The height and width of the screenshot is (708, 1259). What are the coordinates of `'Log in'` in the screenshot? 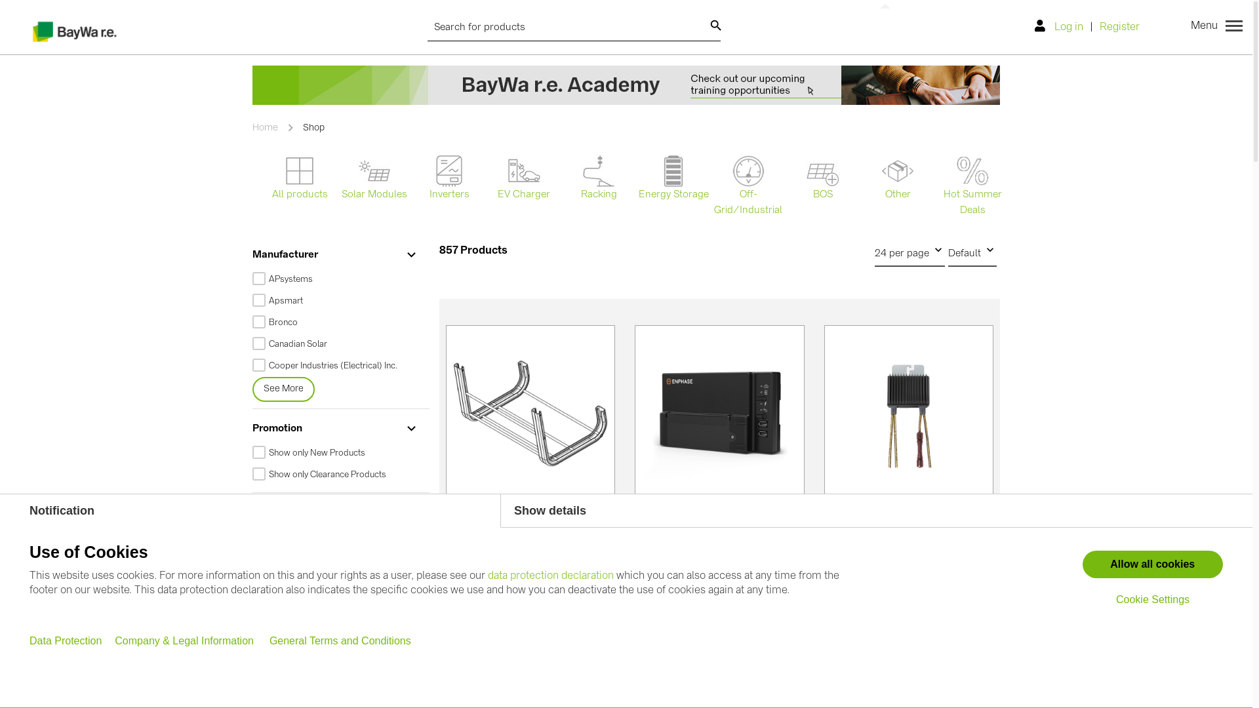 It's located at (1062, 28).